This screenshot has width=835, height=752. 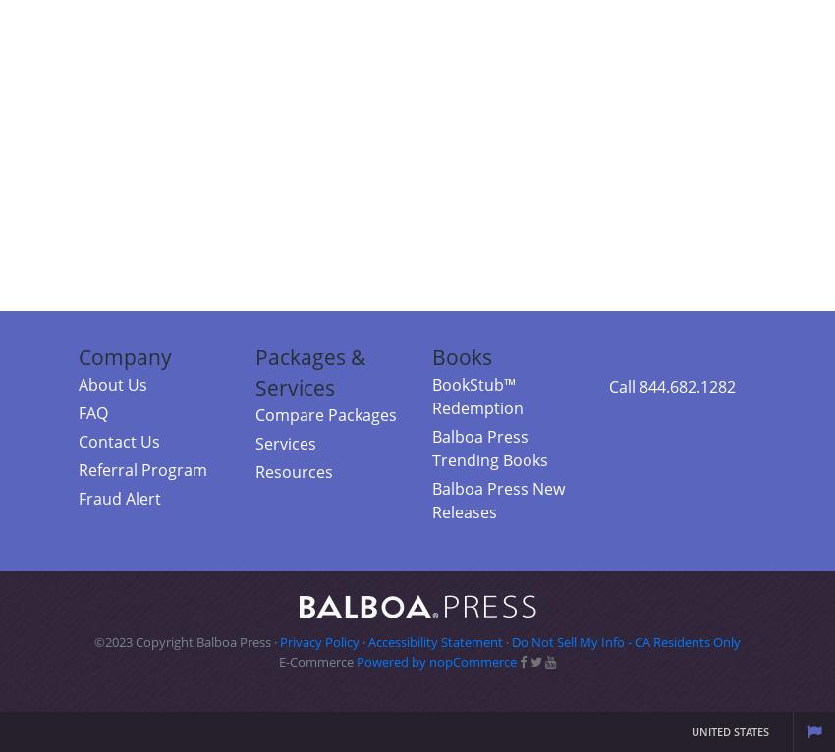 I want to click on 'Contact Us', so click(x=118, y=442).